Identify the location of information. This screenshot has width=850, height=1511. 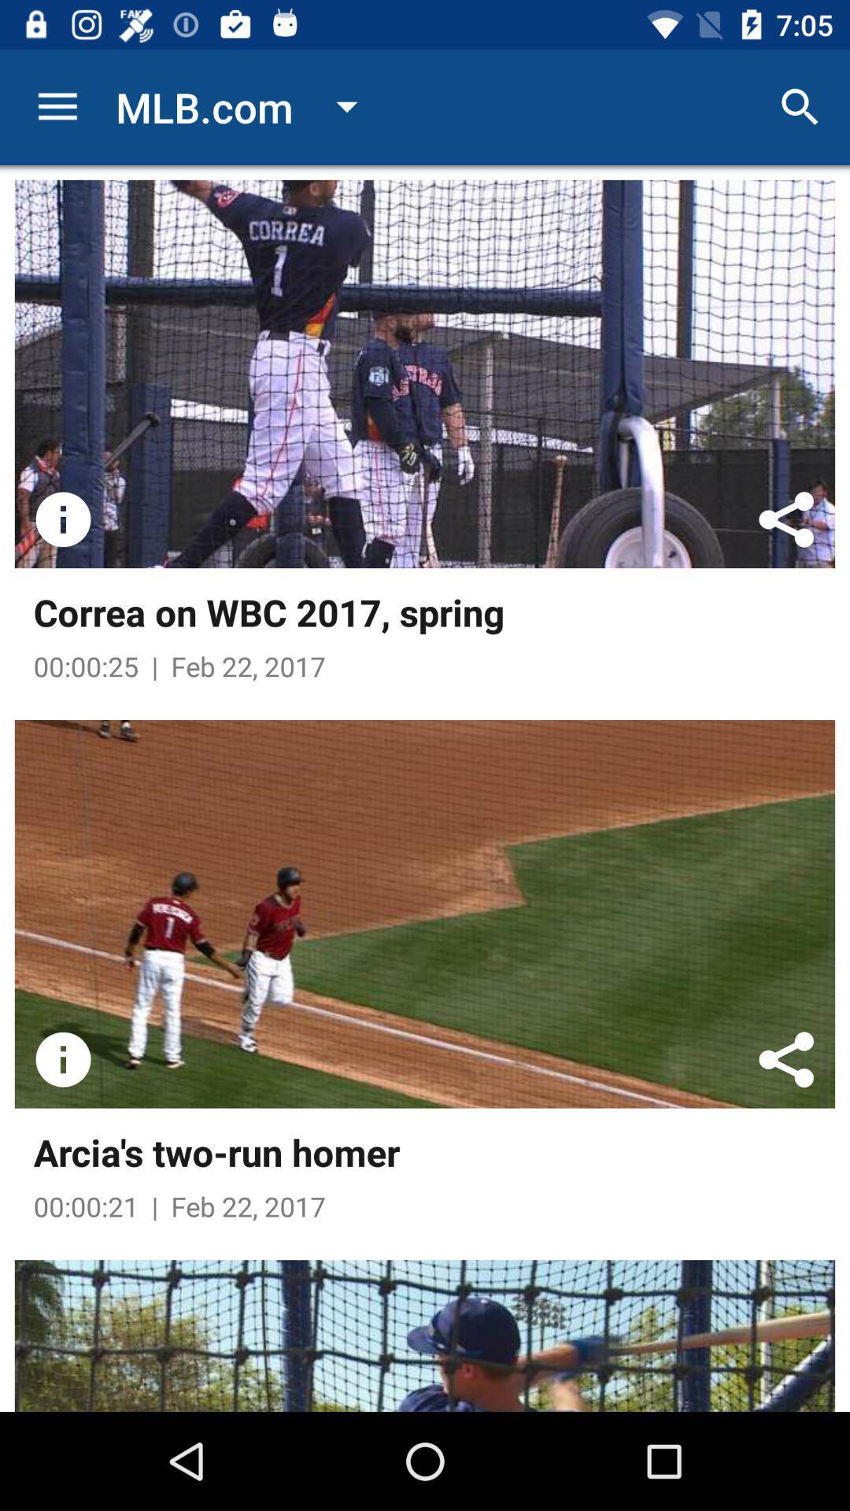
(62, 1059).